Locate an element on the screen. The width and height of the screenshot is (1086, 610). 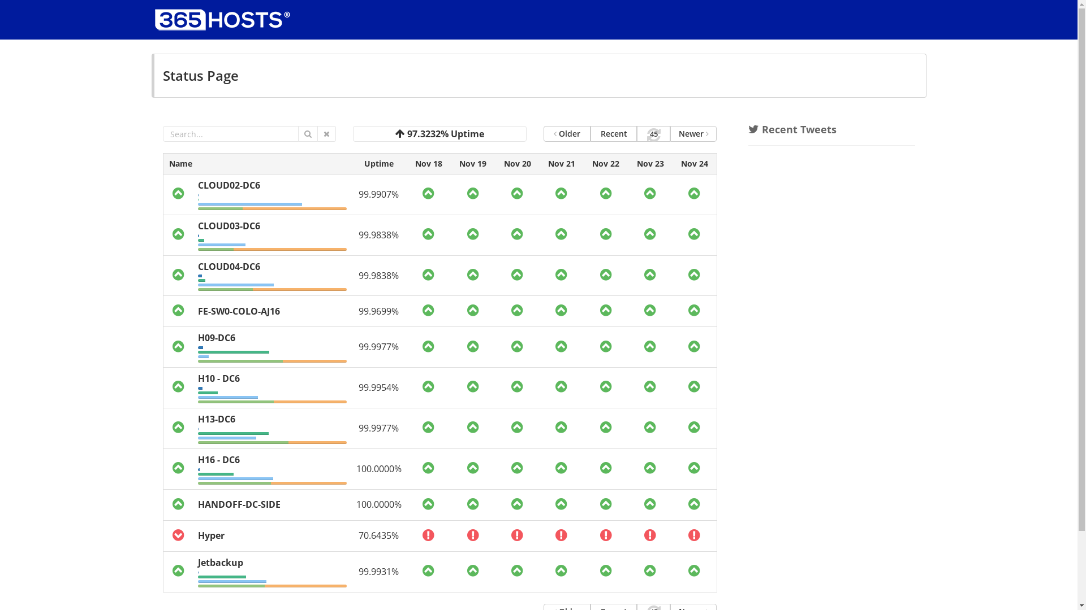
'Older' is located at coordinates (543, 133).